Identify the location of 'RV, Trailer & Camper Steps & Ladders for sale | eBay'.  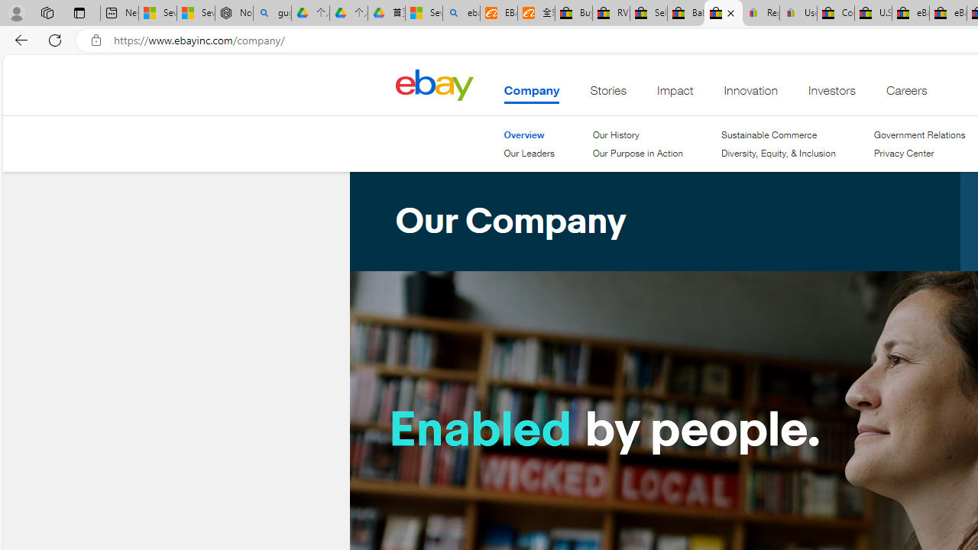
(611, 13).